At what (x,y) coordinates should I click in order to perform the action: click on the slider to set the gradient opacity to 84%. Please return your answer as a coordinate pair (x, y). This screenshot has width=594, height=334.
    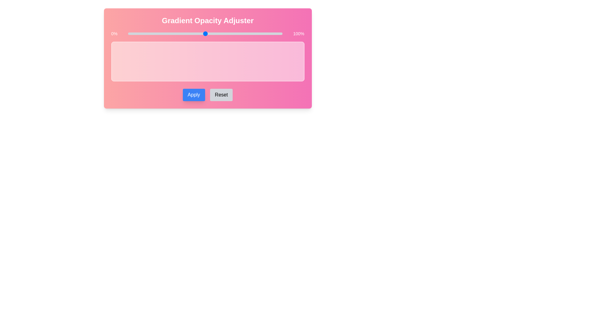
    Looking at the image, I should click on (258, 33).